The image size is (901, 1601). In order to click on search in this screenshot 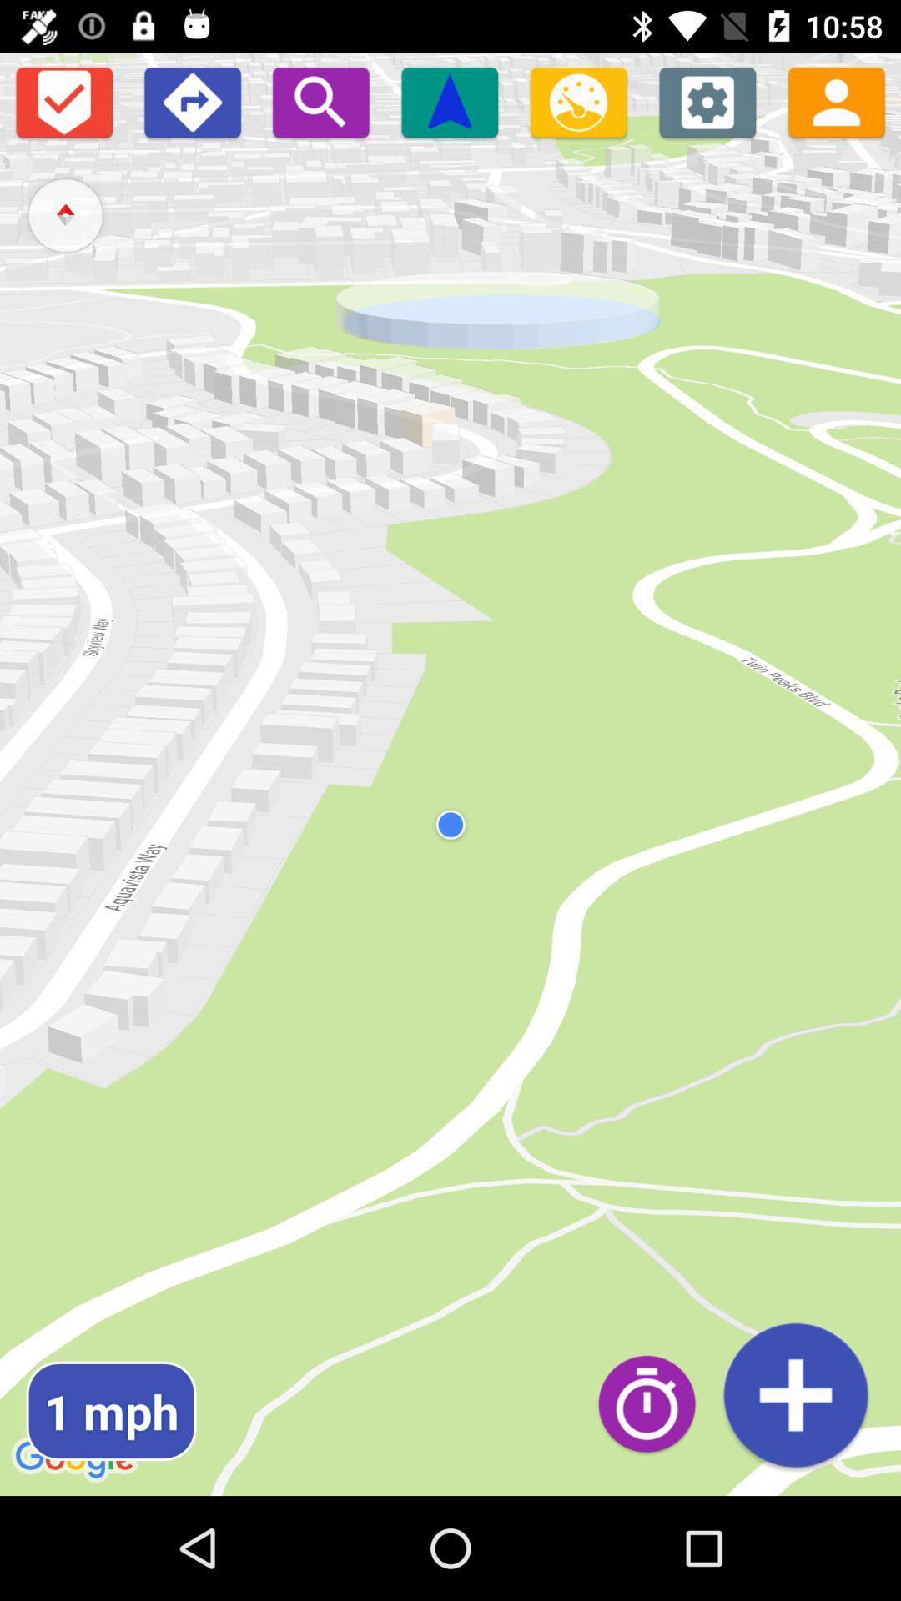, I will do `click(320, 101)`.